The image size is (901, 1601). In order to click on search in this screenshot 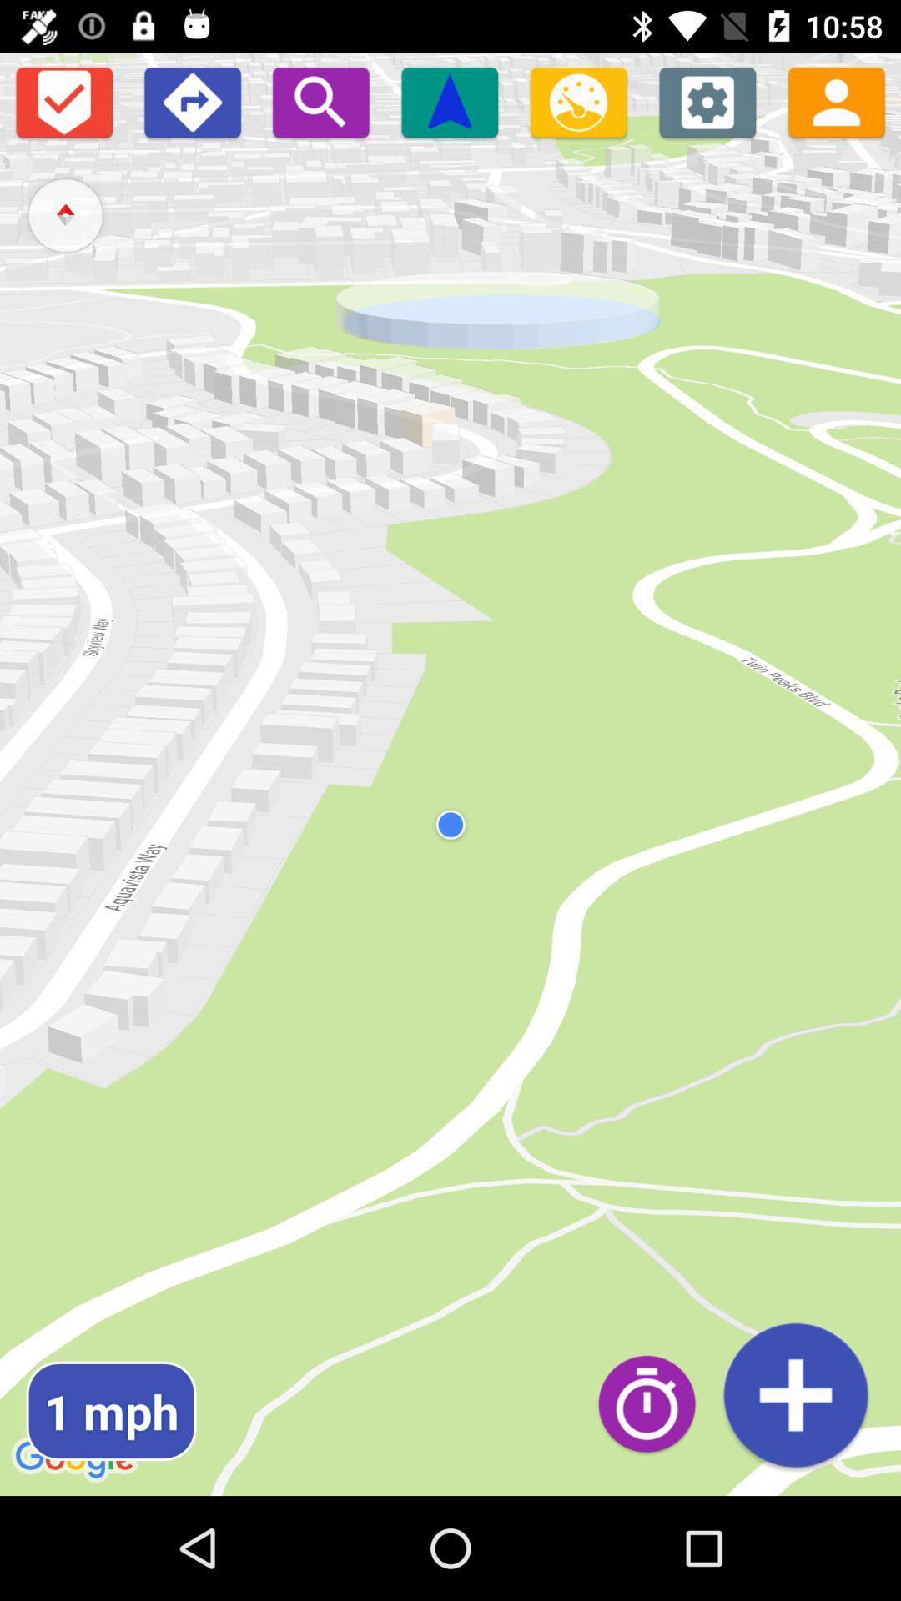, I will do `click(320, 101)`.